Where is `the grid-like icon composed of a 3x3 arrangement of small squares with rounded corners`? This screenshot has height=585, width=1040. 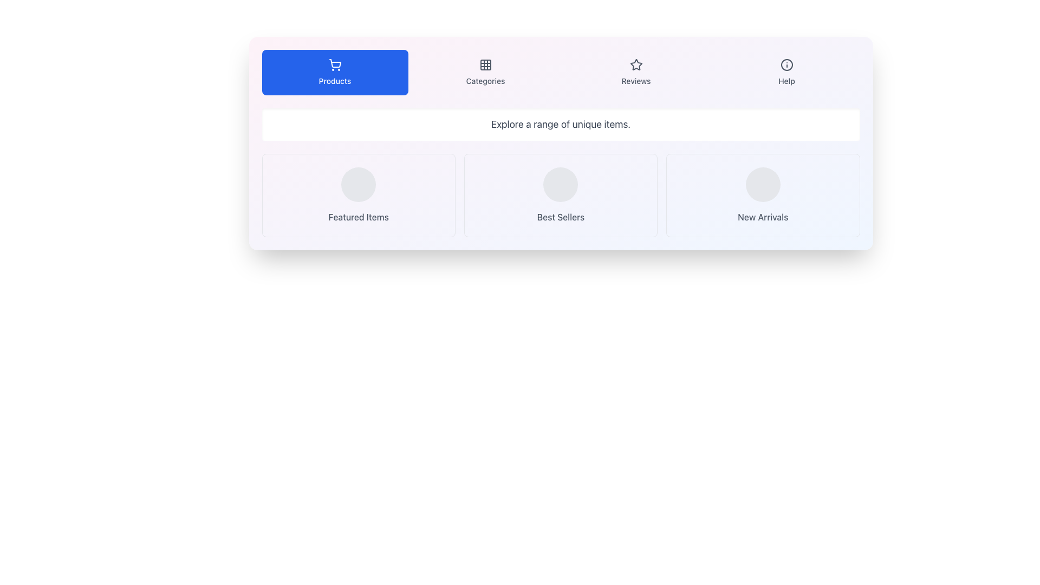 the grid-like icon composed of a 3x3 arrangement of small squares with rounded corners is located at coordinates (485, 64).